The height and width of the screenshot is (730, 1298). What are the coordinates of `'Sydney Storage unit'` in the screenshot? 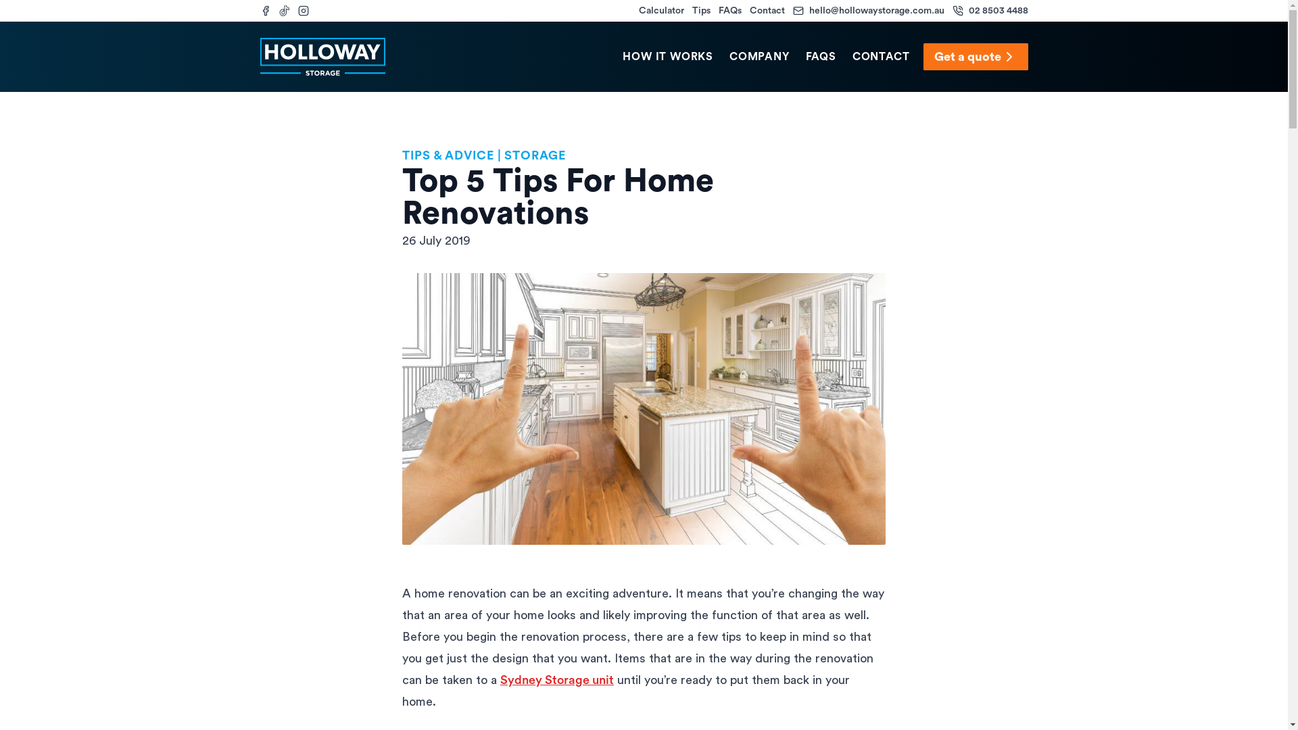 It's located at (557, 680).